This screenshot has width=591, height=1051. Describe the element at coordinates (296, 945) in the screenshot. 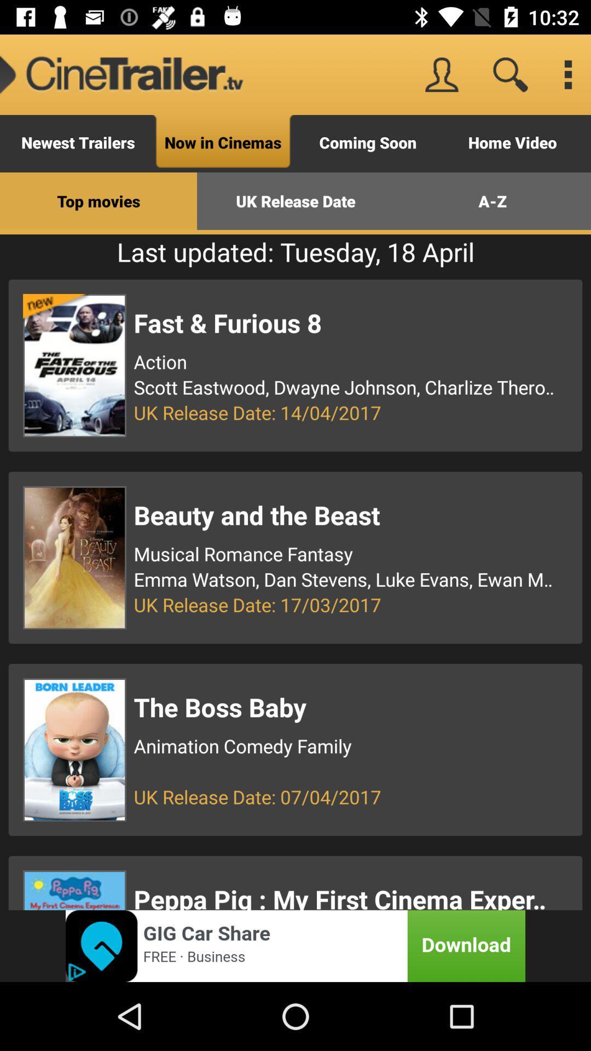

I see `banner of advertiser` at that location.